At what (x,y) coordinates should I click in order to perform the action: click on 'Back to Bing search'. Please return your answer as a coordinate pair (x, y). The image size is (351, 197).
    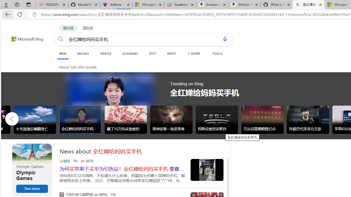
    Looking at the image, I should click on (24, 37).